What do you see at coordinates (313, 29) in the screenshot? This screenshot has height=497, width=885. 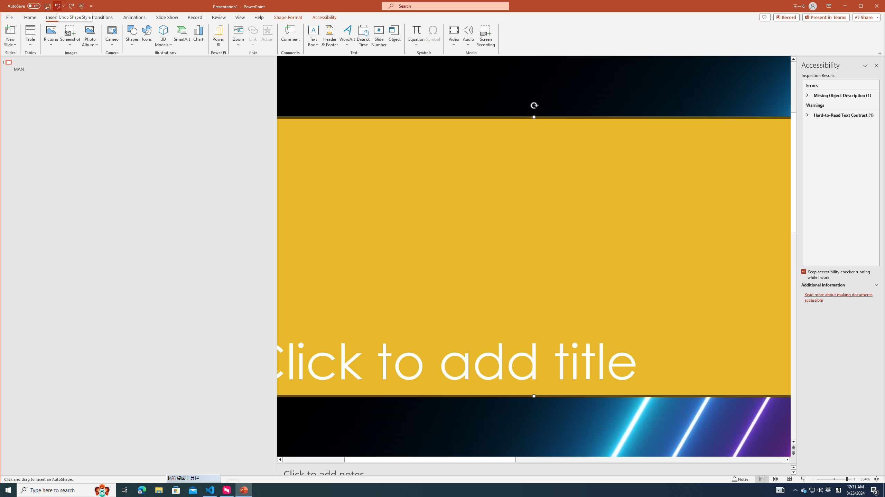 I see `'Draw Horizontal Text Box'` at bounding box center [313, 29].